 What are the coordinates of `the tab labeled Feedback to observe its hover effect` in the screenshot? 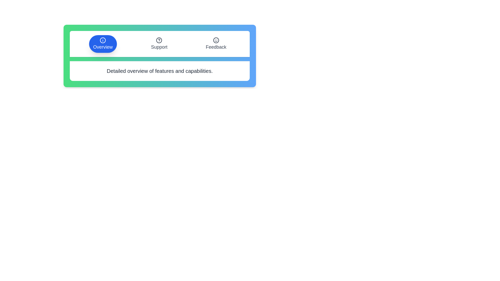 It's located at (216, 44).